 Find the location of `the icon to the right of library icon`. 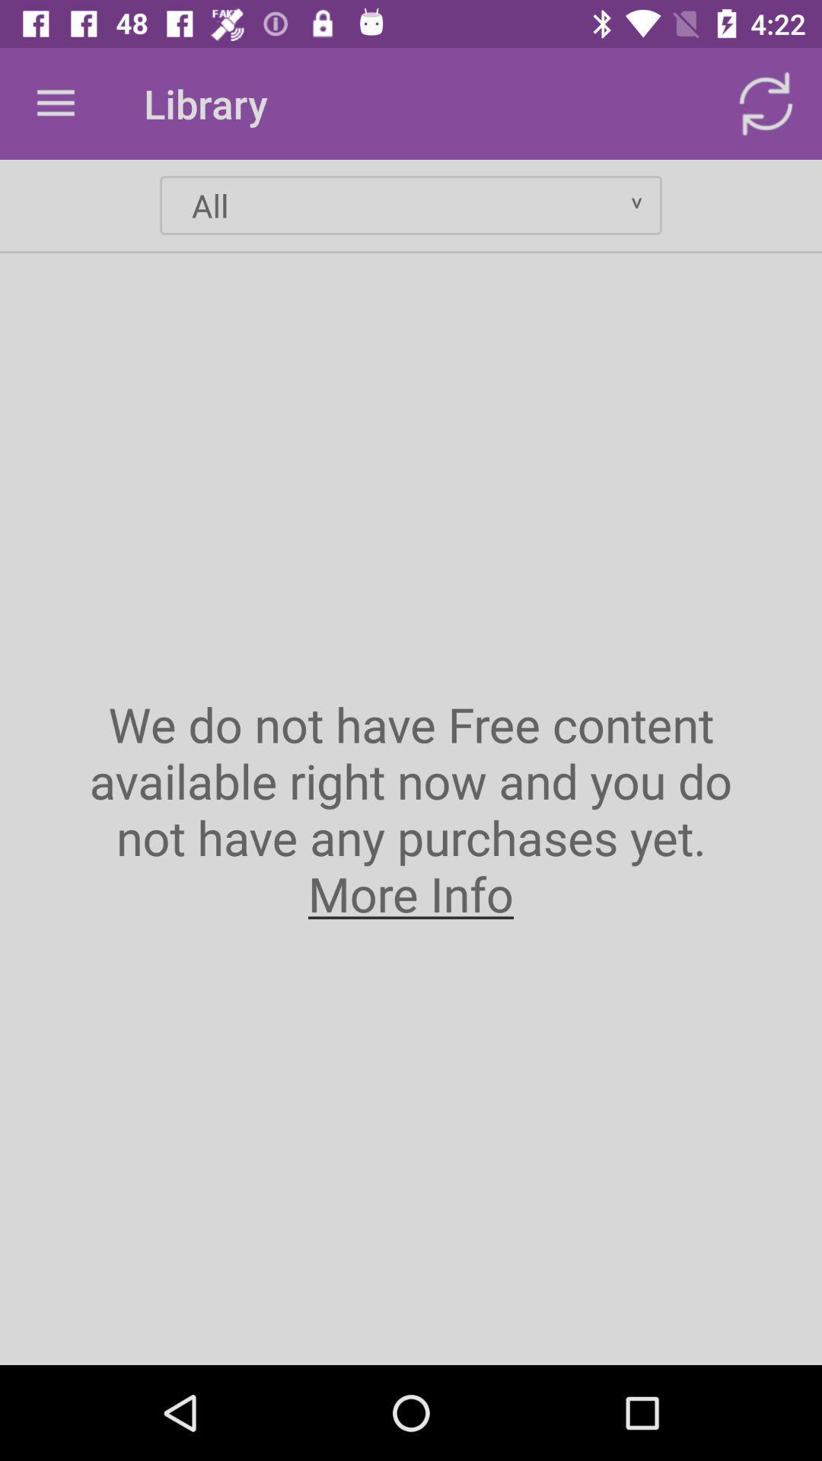

the icon to the right of library icon is located at coordinates (766, 103).